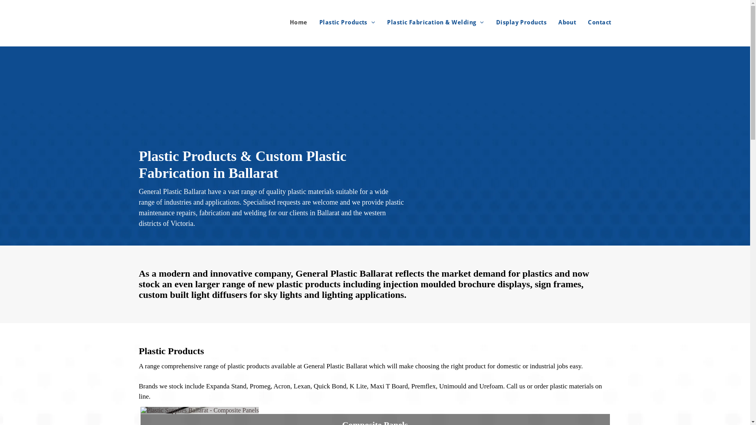  What do you see at coordinates (561, 22) in the screenshot?
I see `'About'` at bounding box center [561, 22].